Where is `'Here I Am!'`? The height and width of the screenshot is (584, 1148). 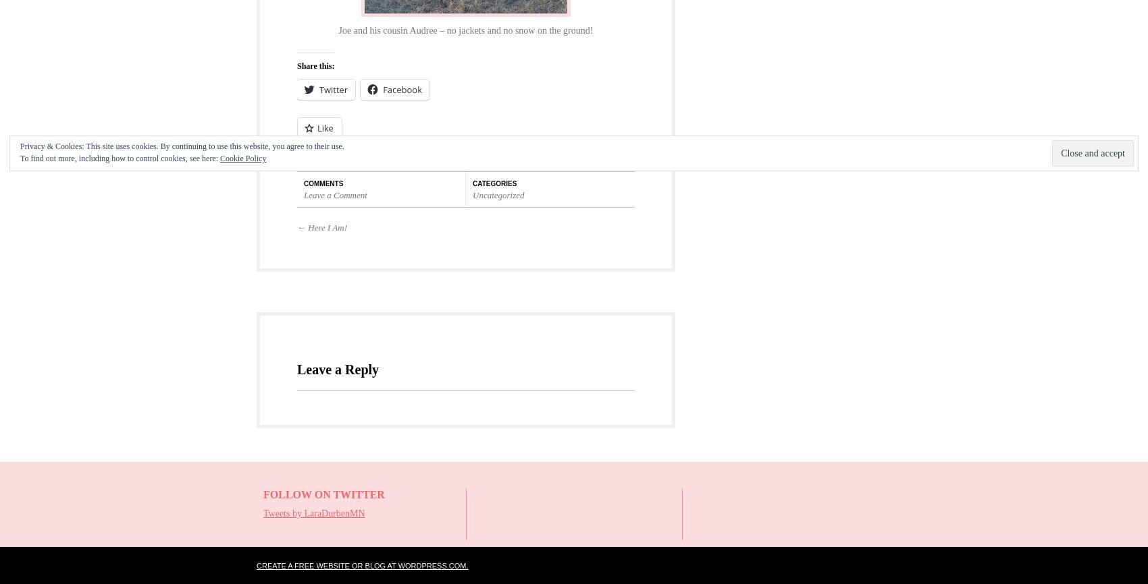 'Here I Am!' is located at coordinates (326, 227).